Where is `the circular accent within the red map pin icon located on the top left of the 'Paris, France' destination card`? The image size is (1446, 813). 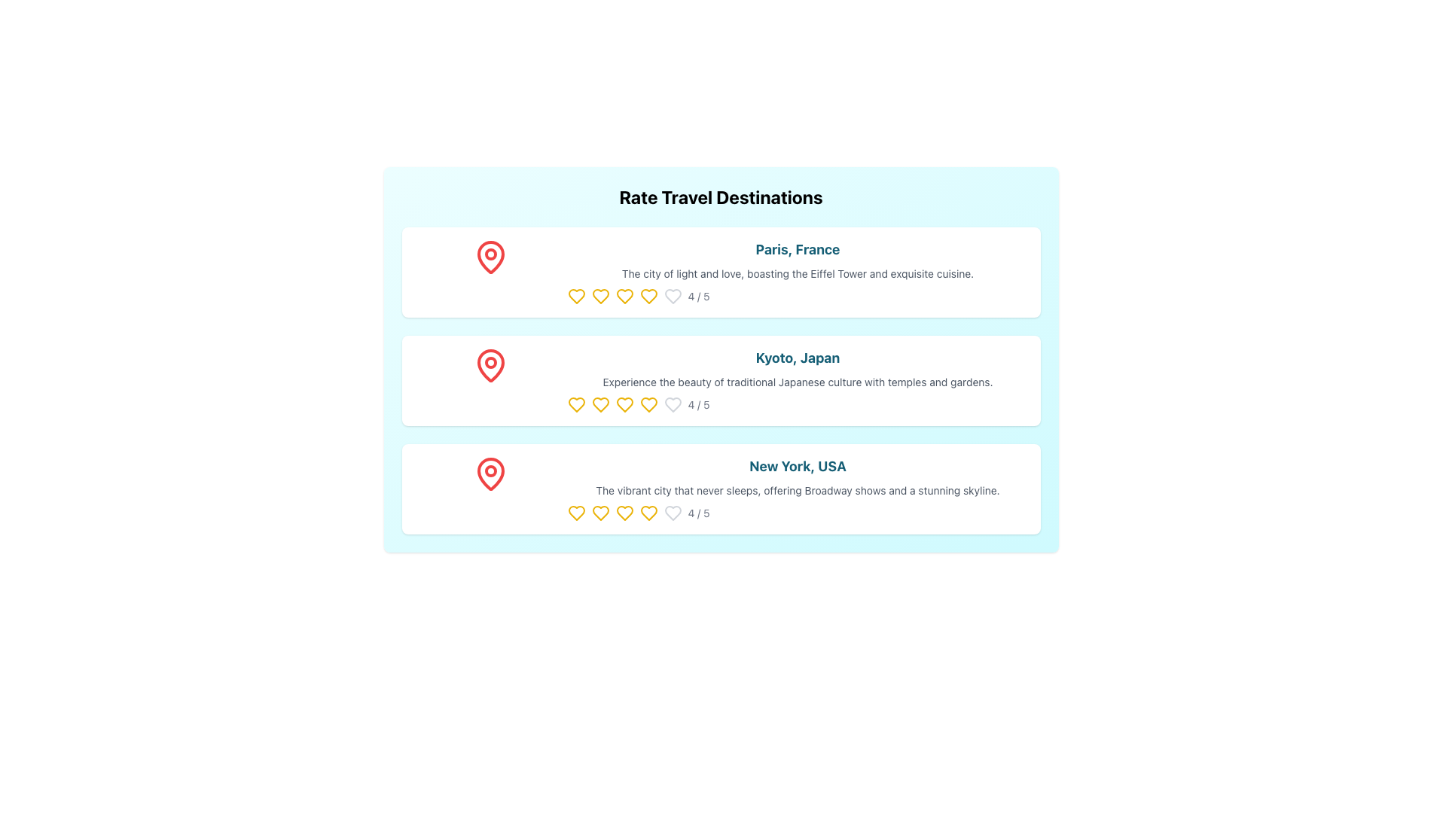 the circular accent within the red map pin icon located on the top left of the 'Paris, France' destination card is located at coordinates (490, 254).